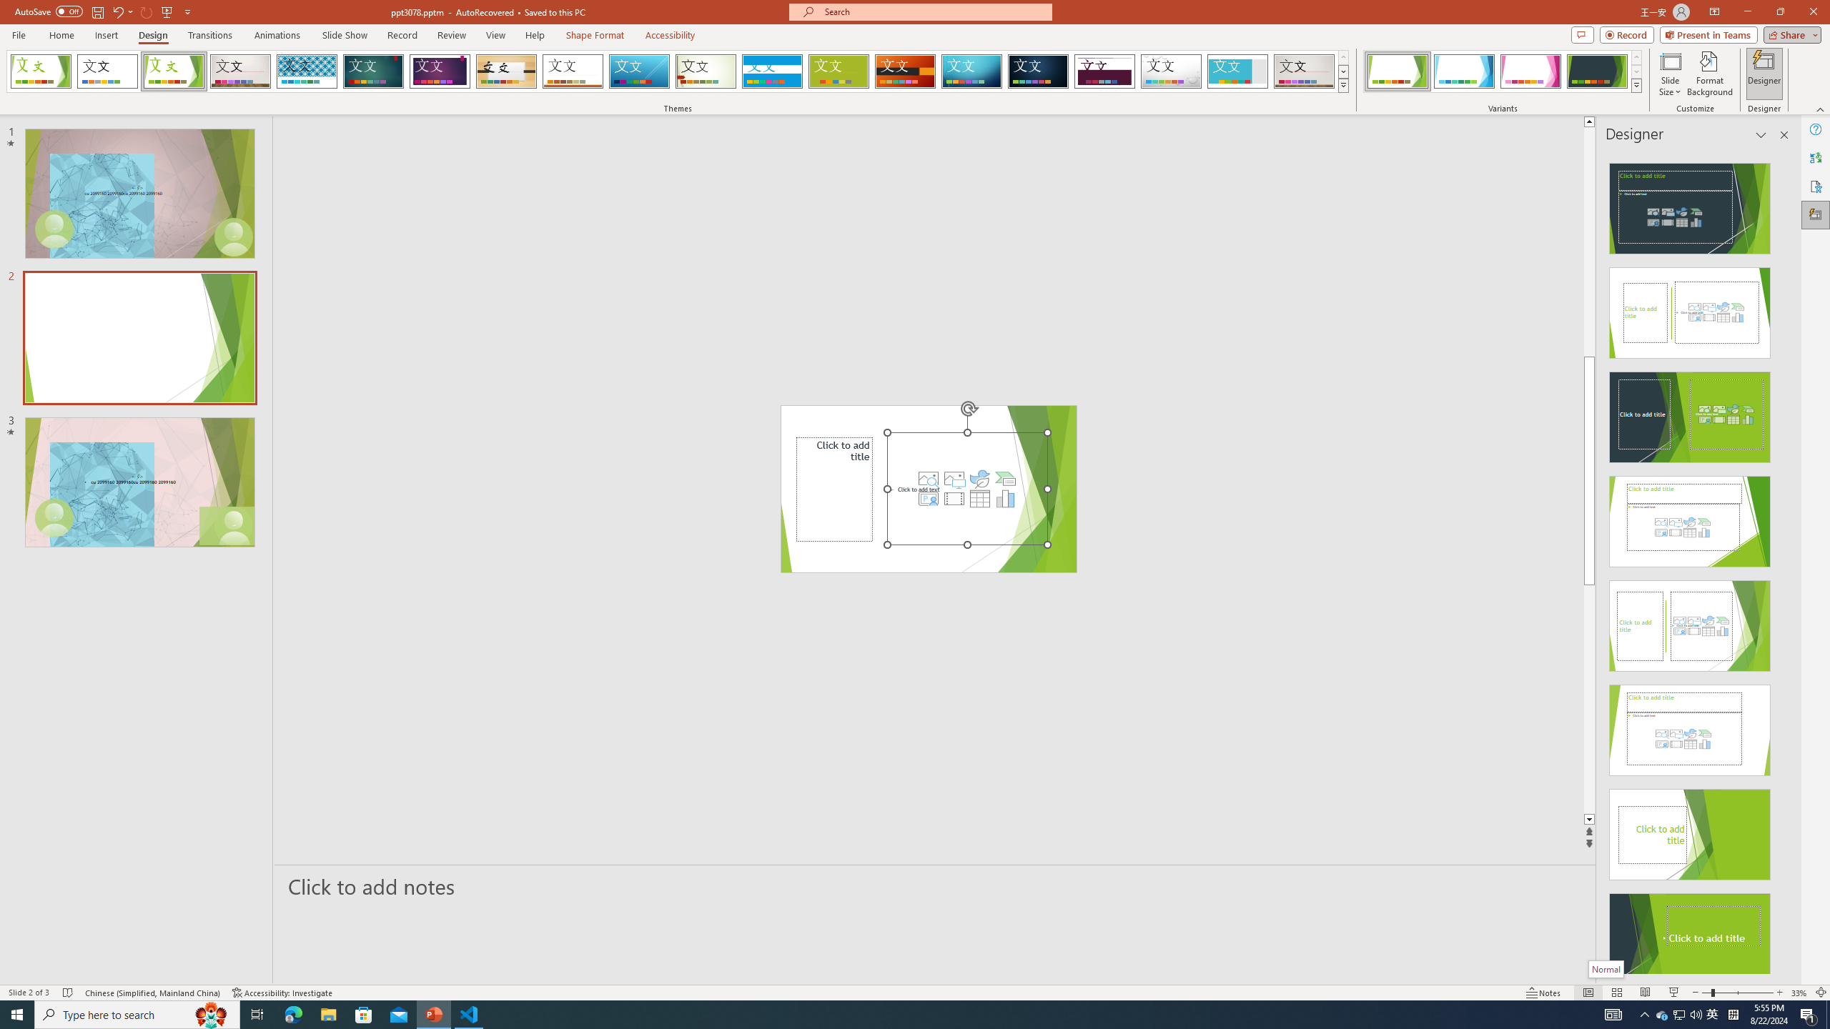 Image resolution: width=1830 pixels, height=1029 pixels. What do you see at coordinates (906, 71) in the screenshot?
I see `'Berlin'` at bounding box center [906, 71].